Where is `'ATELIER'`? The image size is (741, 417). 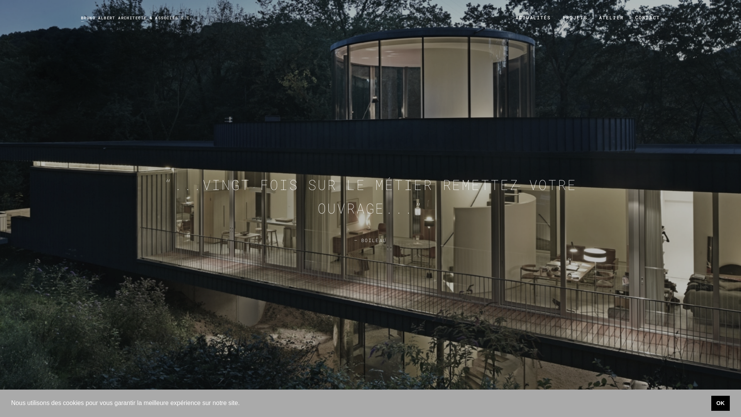
'ATELIER' is located at coordinates (611, 17).